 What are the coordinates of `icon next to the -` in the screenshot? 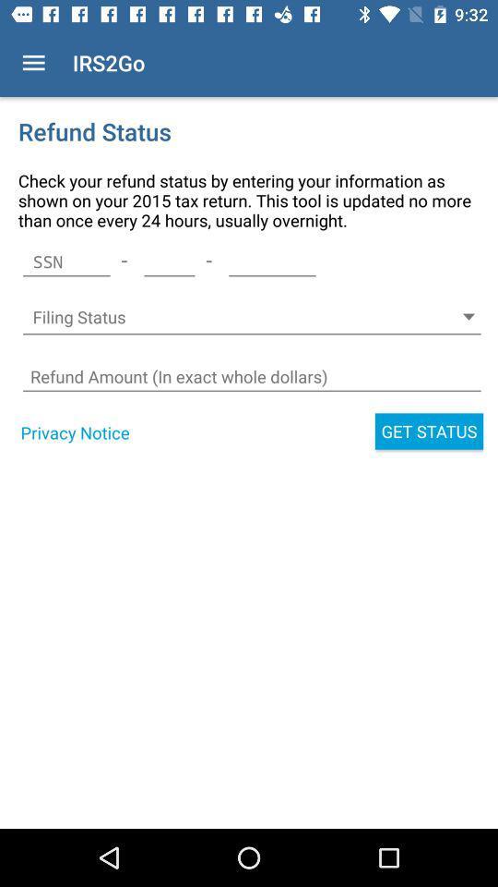 It's located at (169, 261).